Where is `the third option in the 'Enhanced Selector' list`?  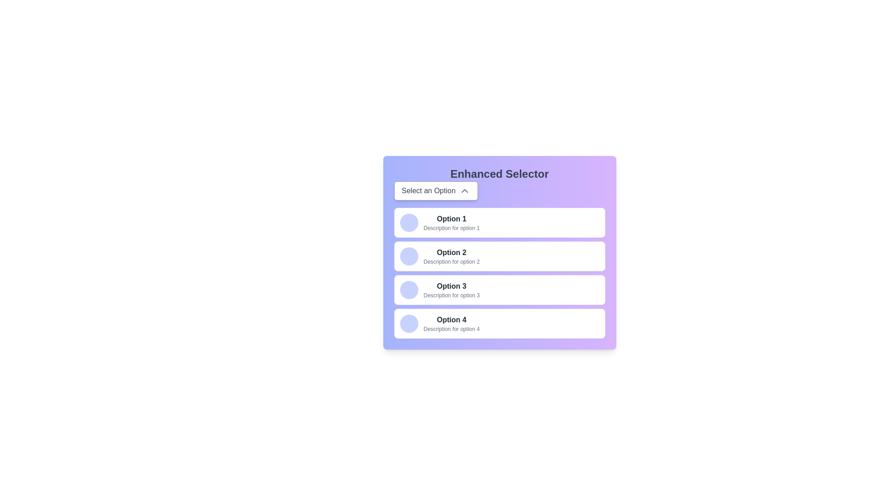
the third option in the 'Enhanced Selector' list is located at coordinates (499, 290).